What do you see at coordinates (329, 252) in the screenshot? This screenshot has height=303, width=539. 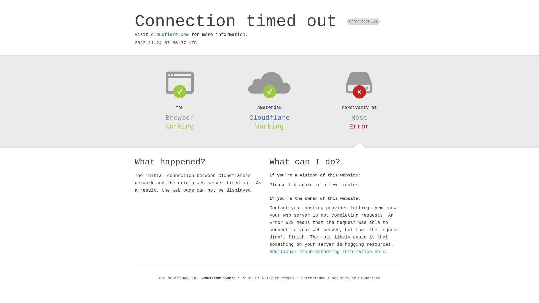 I see `'Additional troubleshooting information here.'` at bounding box center [329, 252].